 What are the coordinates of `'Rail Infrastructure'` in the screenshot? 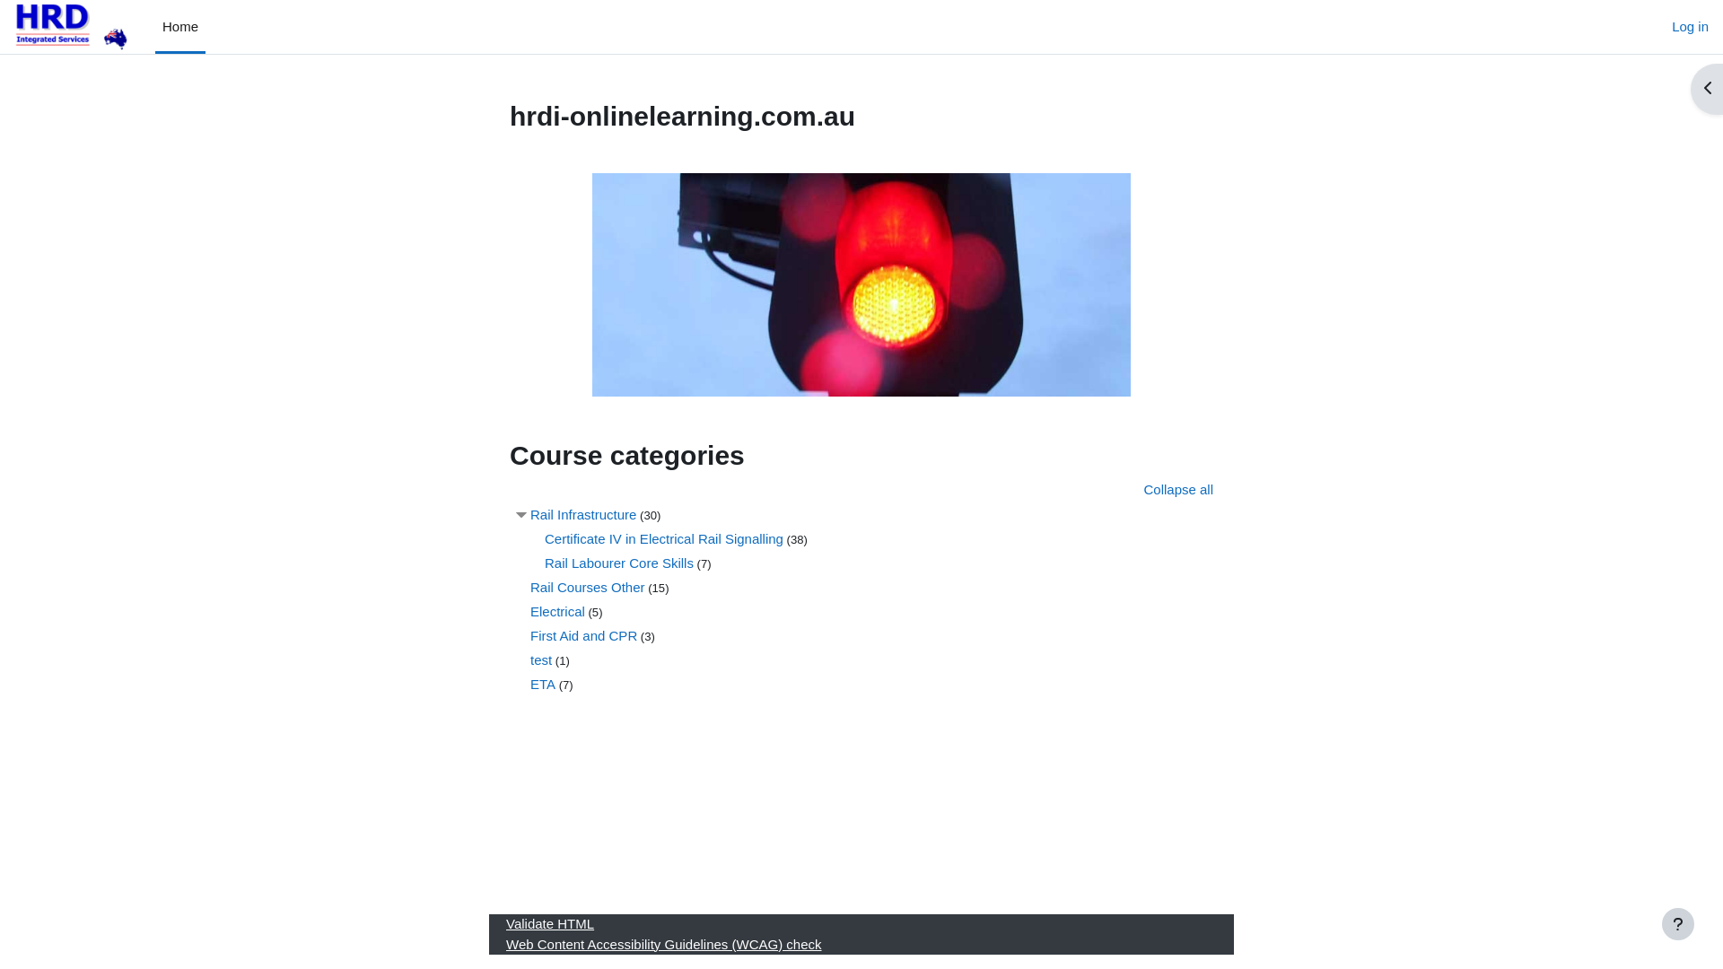 It's located at (529, 513).